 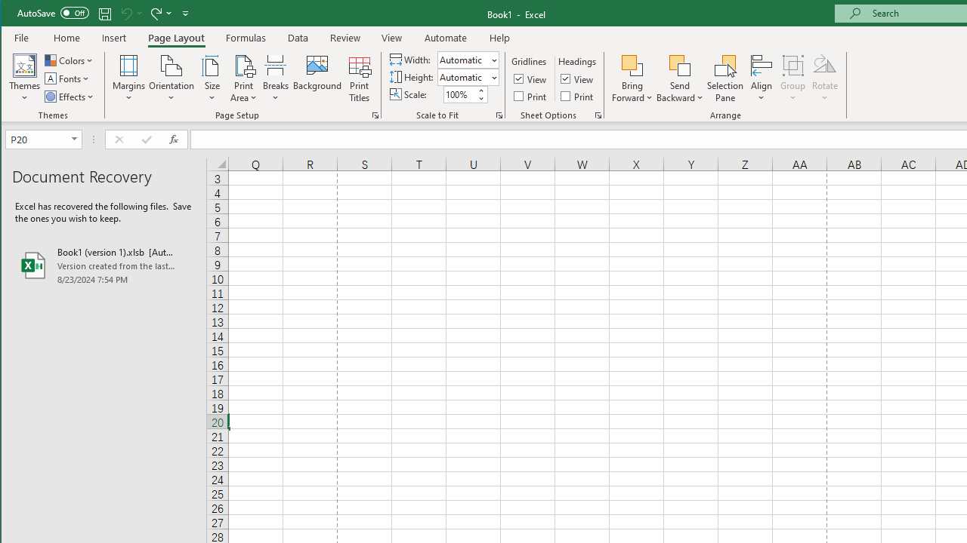 I want to click on 'Height', so click(x=467, y=77).